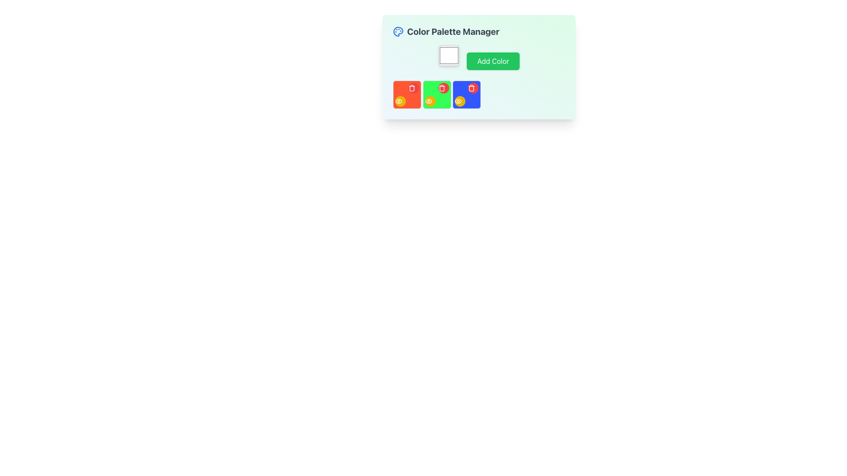  Describe the element at coordinates (478, 57) in the screenshot. I see `the button located in the 'Color Palette Manager' section` at that location.